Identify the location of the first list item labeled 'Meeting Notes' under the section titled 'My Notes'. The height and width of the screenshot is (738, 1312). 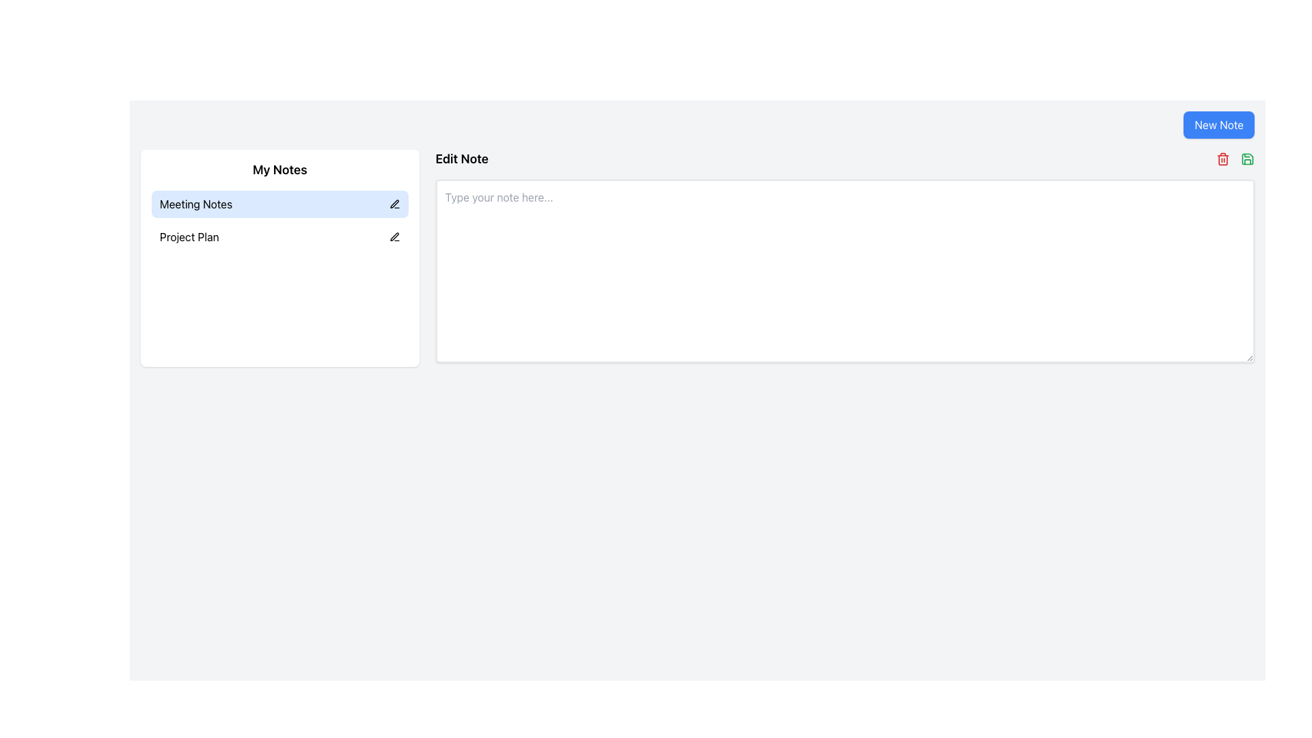
(279, 220).